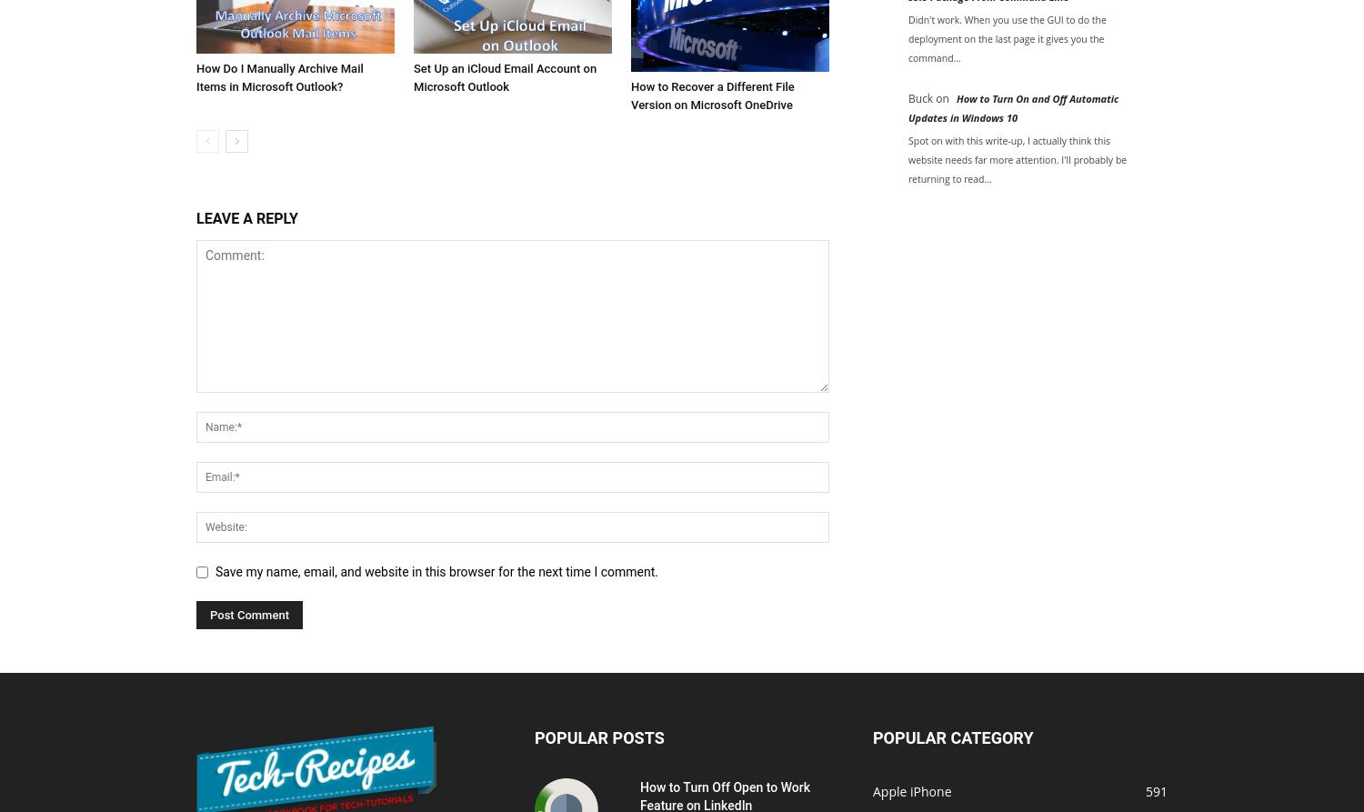 This screenshot has height=812, width=1364. Describe the element at coordinates (534, 736) in the screenshot. I see `'POPULAR POSTS'` at that location.